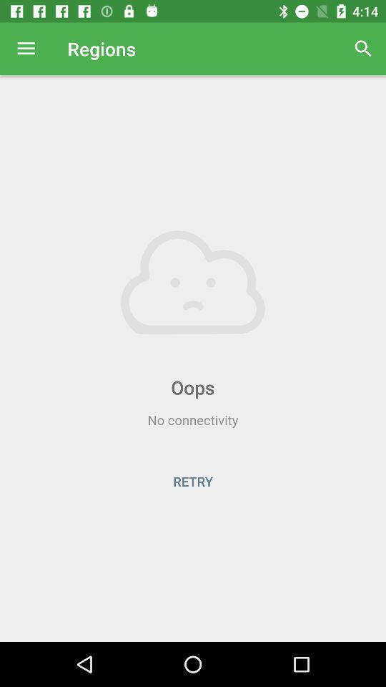 The image size is (386, 687). Describe the element at coordinates (363, 49) in the screenshot. I see `item at the top right corner` at that location.